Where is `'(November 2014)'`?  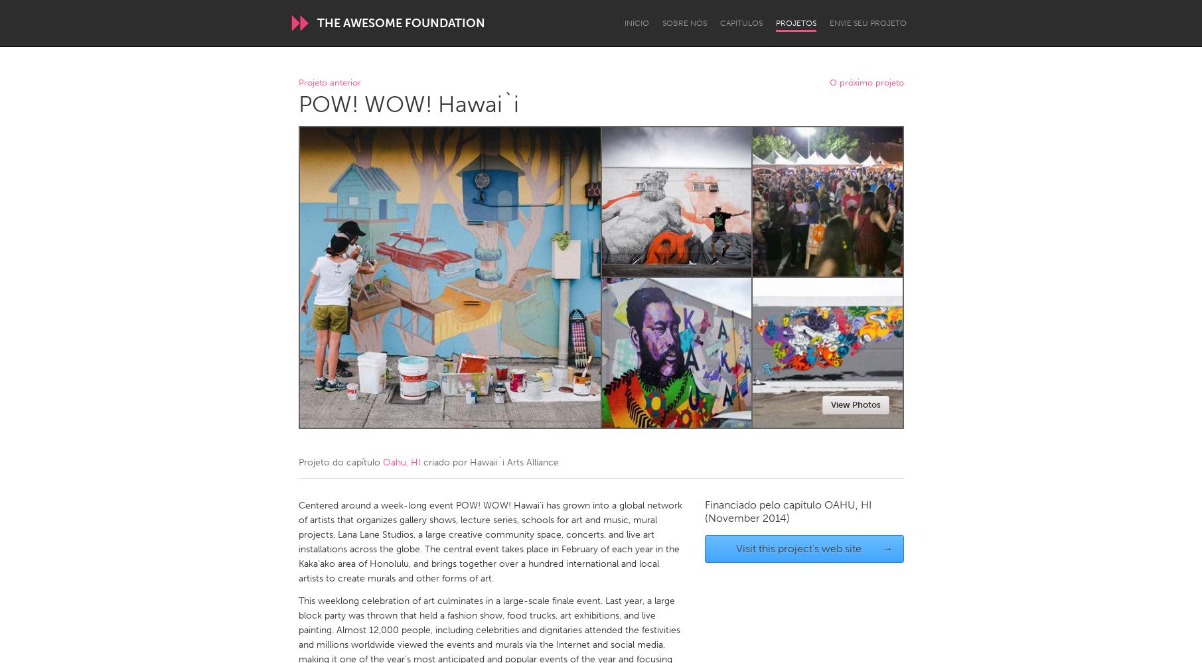 '(November 2014)' is located at coordinates (745, 517).